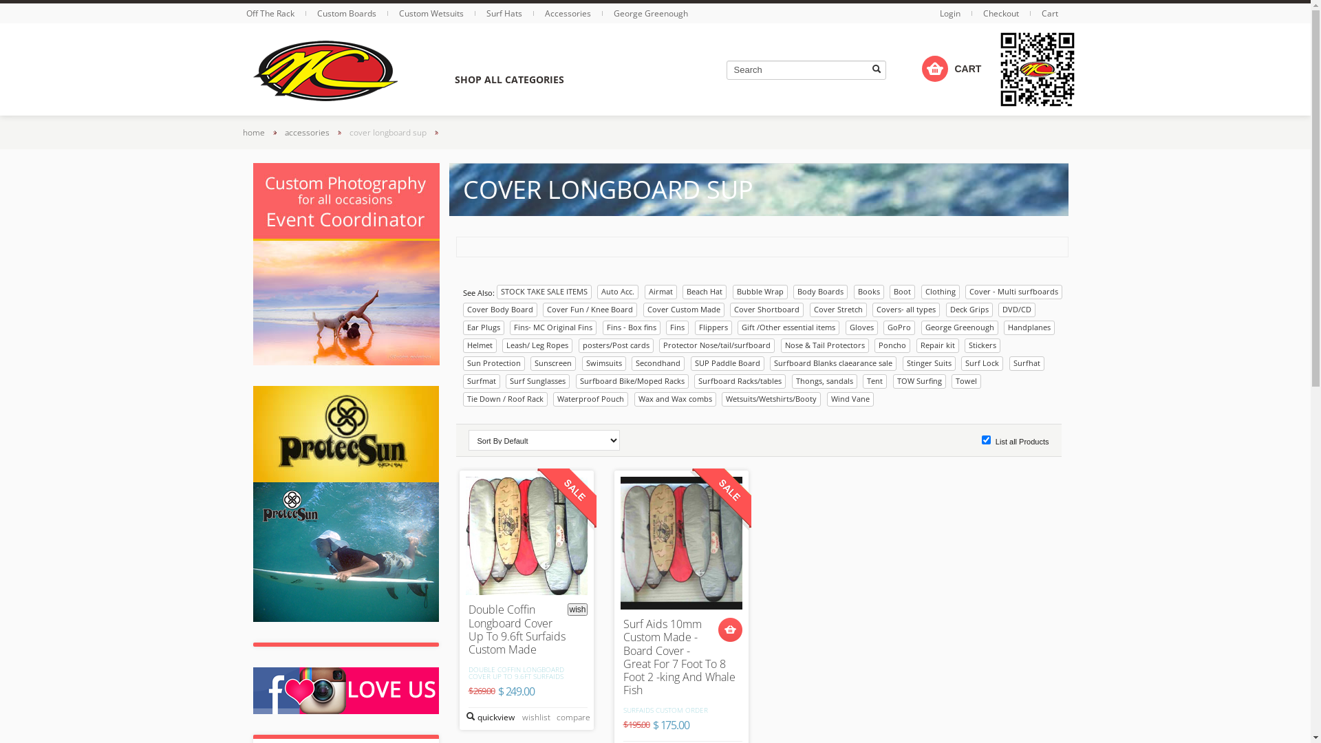  What do you see at coordinates (860, 327) in the screenshot?
I see `'Gloves'` at bounding box center [860, 327].